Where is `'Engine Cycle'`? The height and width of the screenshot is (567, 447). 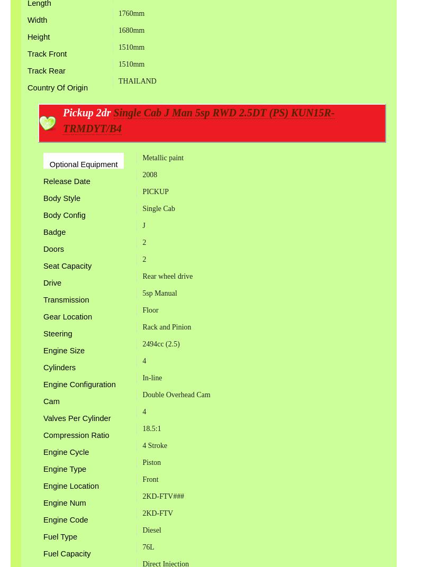 'Engine Cycle' is located at coordinates (42, 451).